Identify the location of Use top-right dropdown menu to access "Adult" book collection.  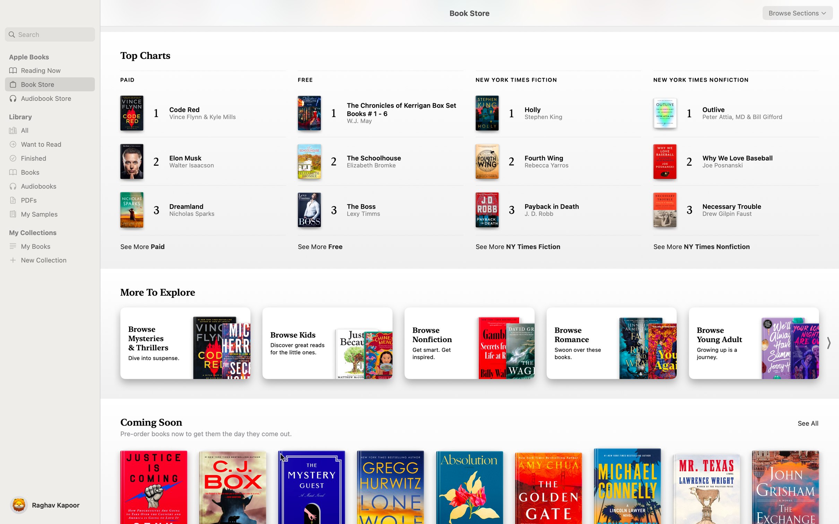
(797, 13).